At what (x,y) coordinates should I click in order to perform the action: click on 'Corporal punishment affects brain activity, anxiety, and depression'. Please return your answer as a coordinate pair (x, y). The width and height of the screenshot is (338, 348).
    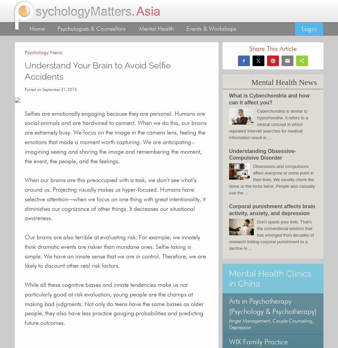
    Looking at the image, I should click on (272, 209).